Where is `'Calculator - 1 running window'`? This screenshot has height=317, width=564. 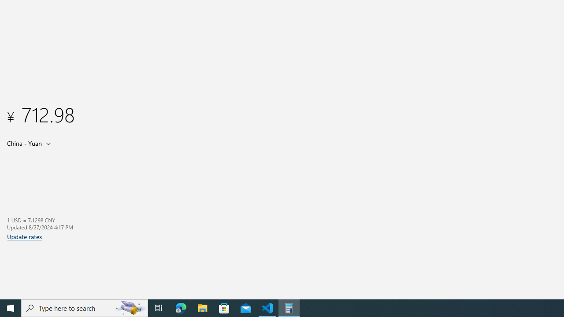 'Calculator - 1 running window' is located at coordinates (289, 307).